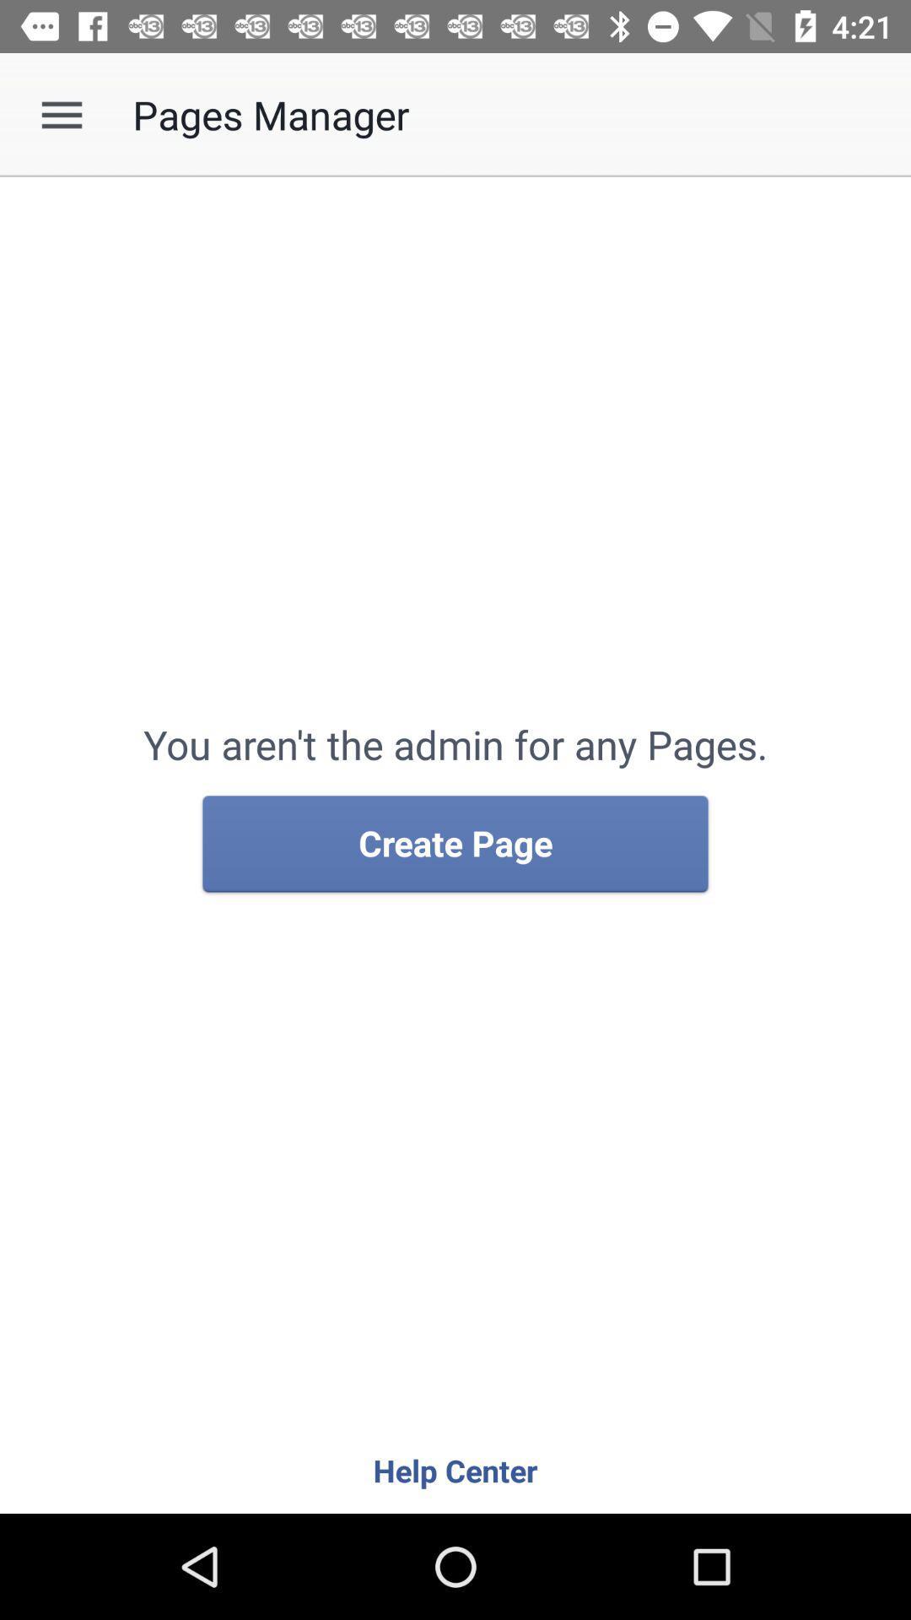  What do you see at coordinates (455, 845) in the screenshot?
I see `the icon below you aren t icon` at bounding box center [455, 845].